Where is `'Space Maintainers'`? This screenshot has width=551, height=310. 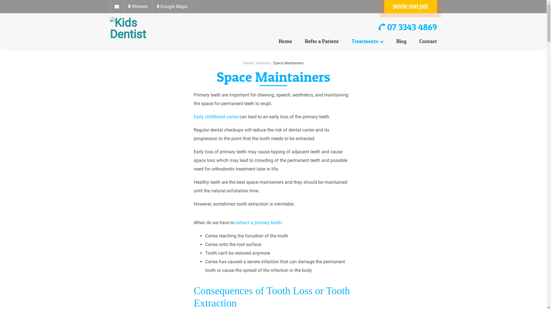 'Space Maintainers' is located at coordinates (288, 63).